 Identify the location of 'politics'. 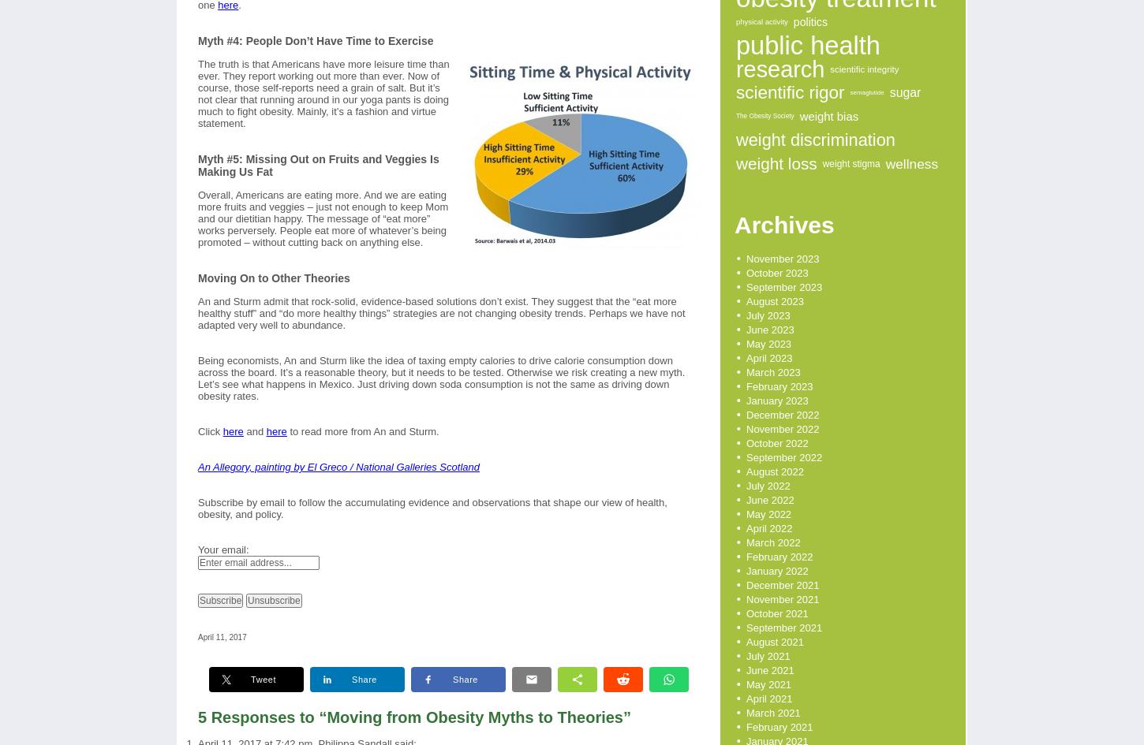
(792, 21).